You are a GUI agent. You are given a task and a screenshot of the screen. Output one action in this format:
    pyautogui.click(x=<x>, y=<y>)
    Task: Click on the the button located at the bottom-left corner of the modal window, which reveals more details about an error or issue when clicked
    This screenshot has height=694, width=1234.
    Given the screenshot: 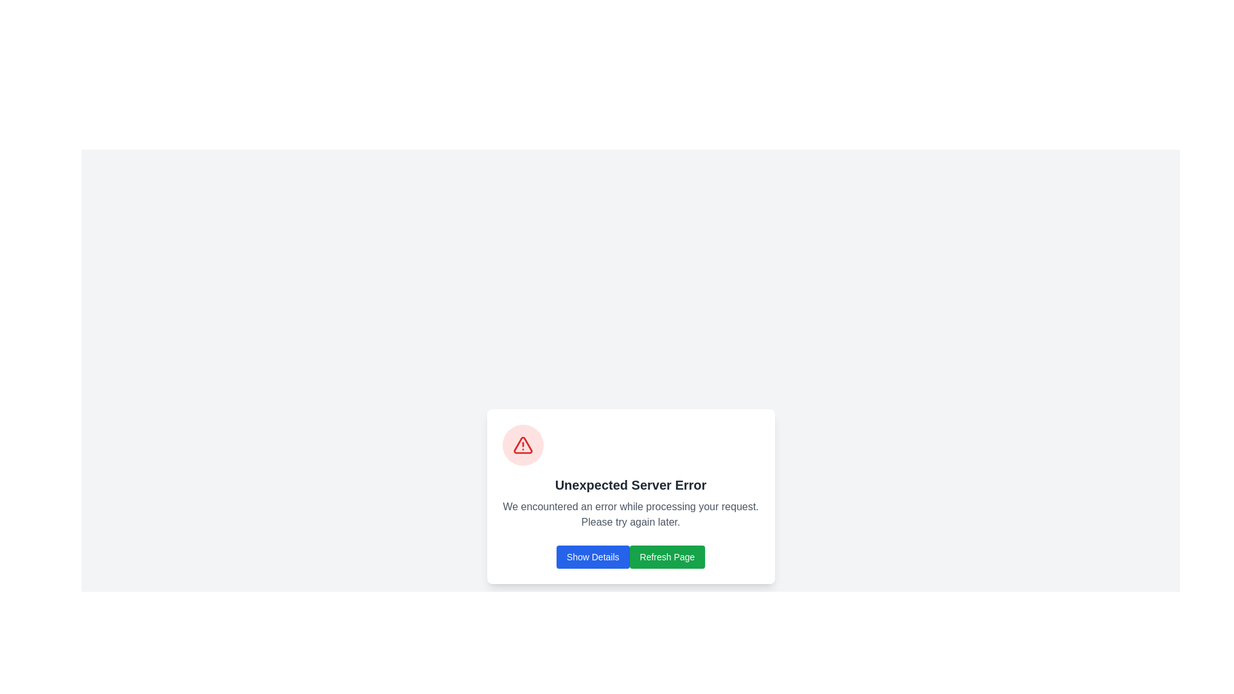 What is the action you would take?
    pyautogui.click(x=592, y=556)
    